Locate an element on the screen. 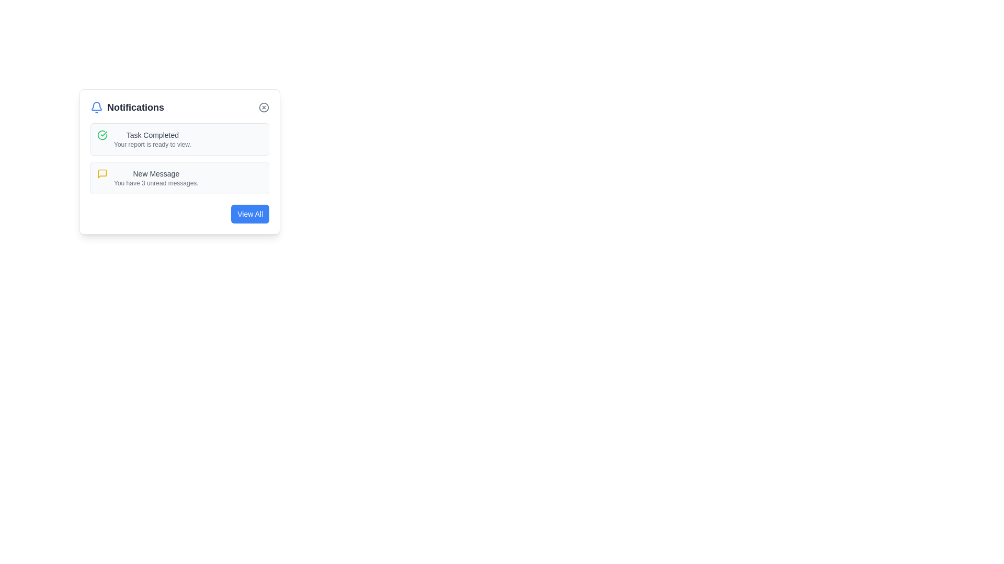  the 'New Message' text label, which is a gray-colored text in a sans-serif typeface located above the unread messages notification in the notification card is located at coordinates (155, 173).